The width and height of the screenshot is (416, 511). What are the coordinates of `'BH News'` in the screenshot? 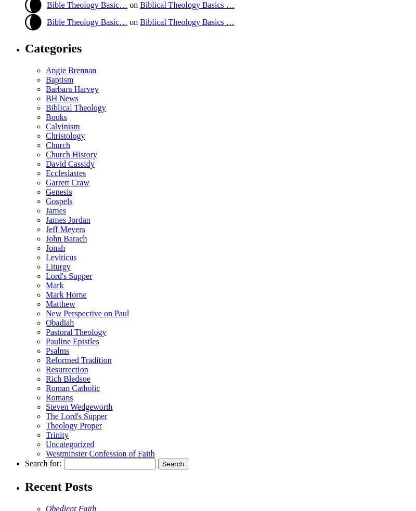 It's located at (61, 98).